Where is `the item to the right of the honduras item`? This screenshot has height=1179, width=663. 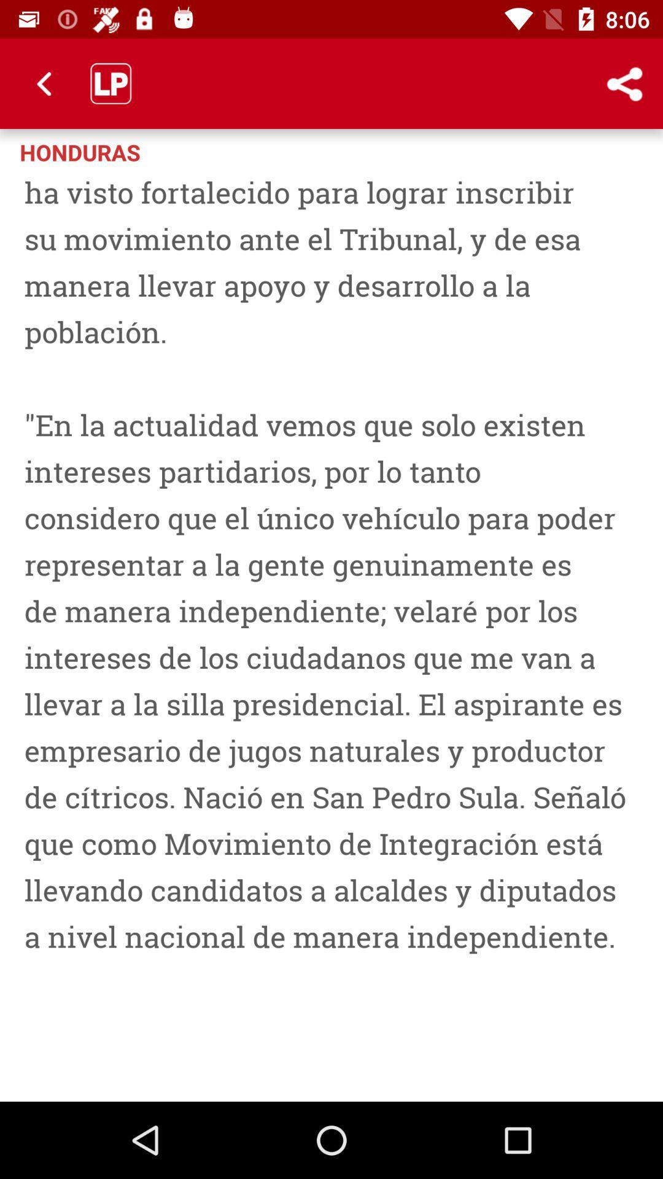
the item to the right of the honduras item is located at coordinates (574, 150).